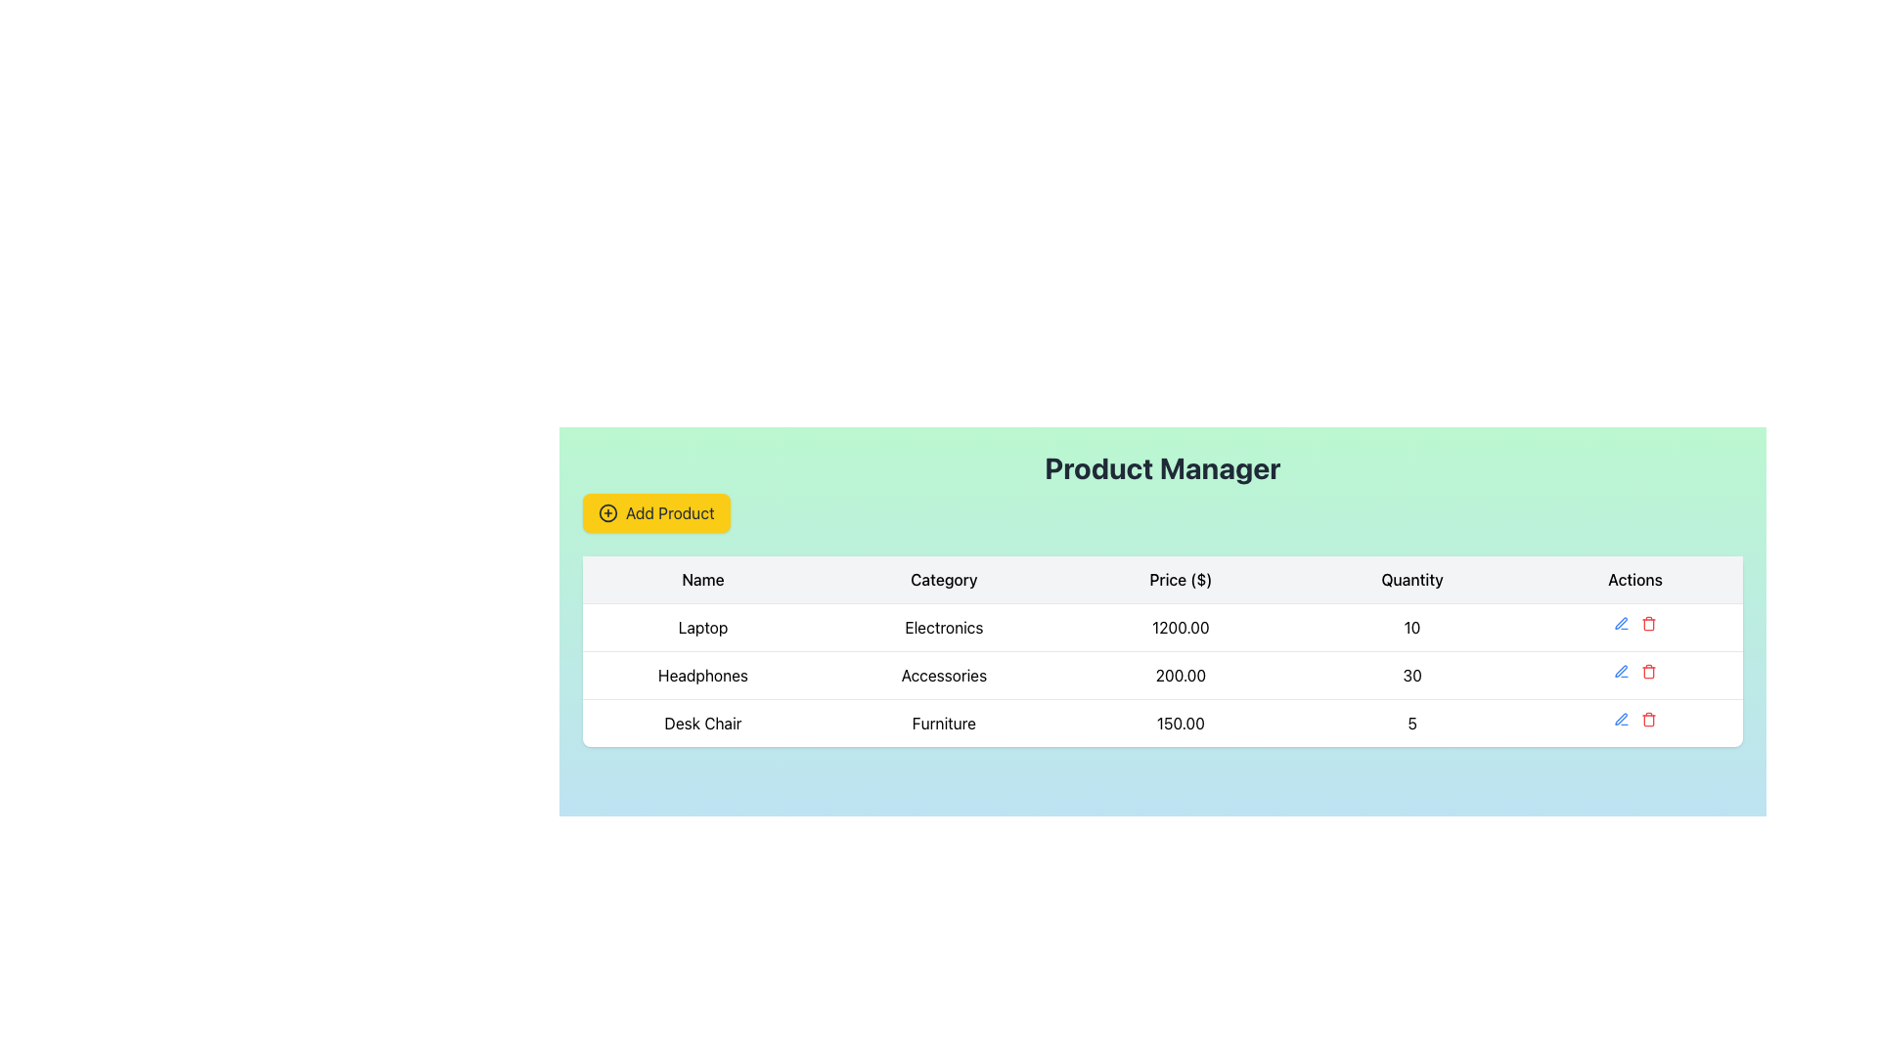 This screenshot has width=1878, height=1056. Describe the element at coordinates (1648, 720) in the screenshot. I see `the delete icon button located in the action column of the last row in the table` at that location.